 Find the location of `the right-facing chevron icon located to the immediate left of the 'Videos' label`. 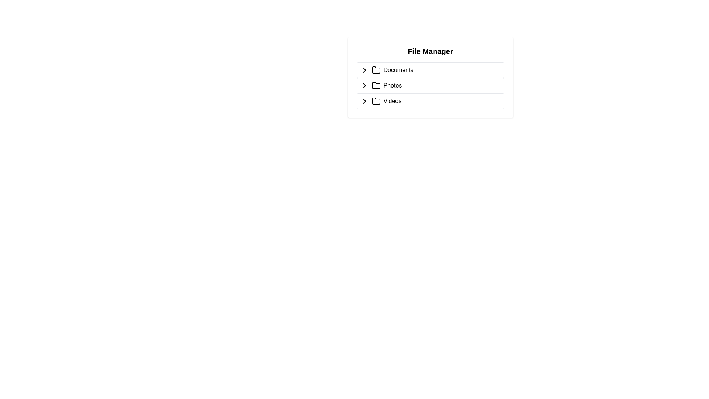

the right-facing chevron icon located to the immediate left of the 'Videos' label is located at coordinates (364, 101).